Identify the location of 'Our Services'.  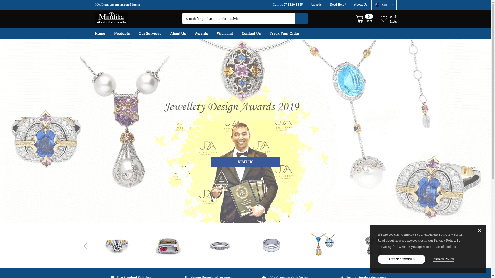
(154, 33).